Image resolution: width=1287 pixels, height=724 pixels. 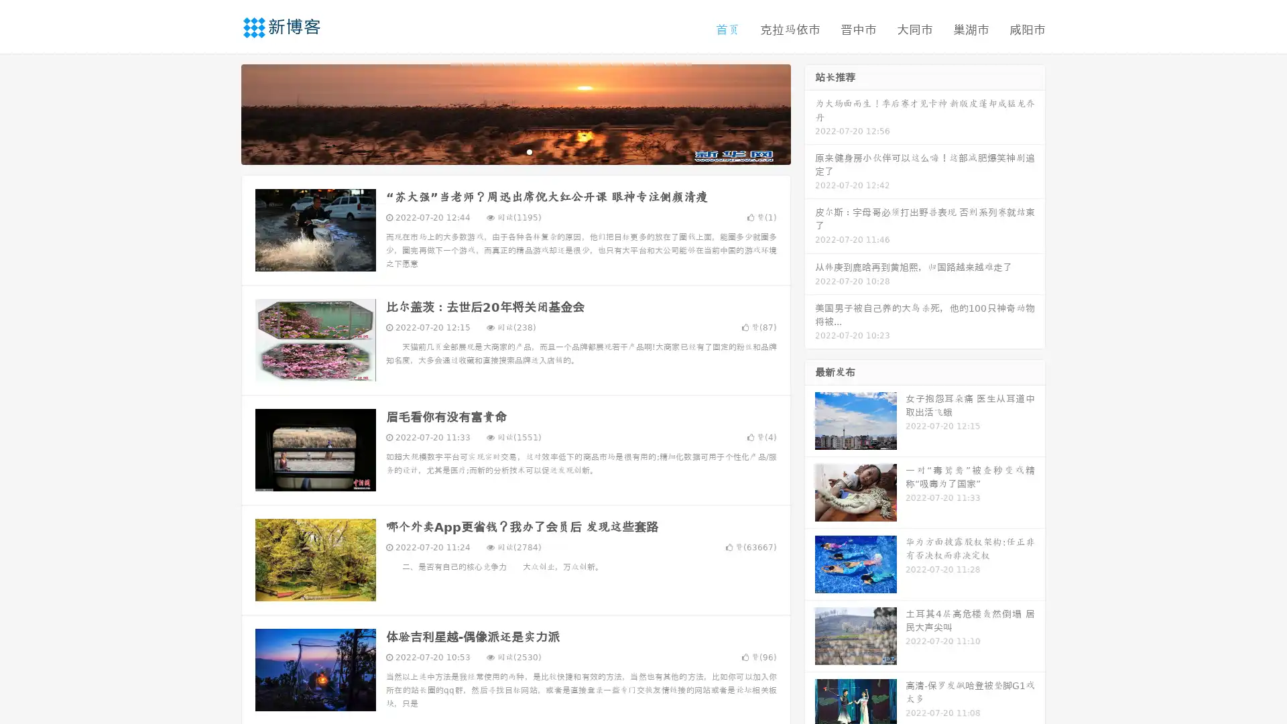 I want to click on Next slide, so click(x=810, y=113).